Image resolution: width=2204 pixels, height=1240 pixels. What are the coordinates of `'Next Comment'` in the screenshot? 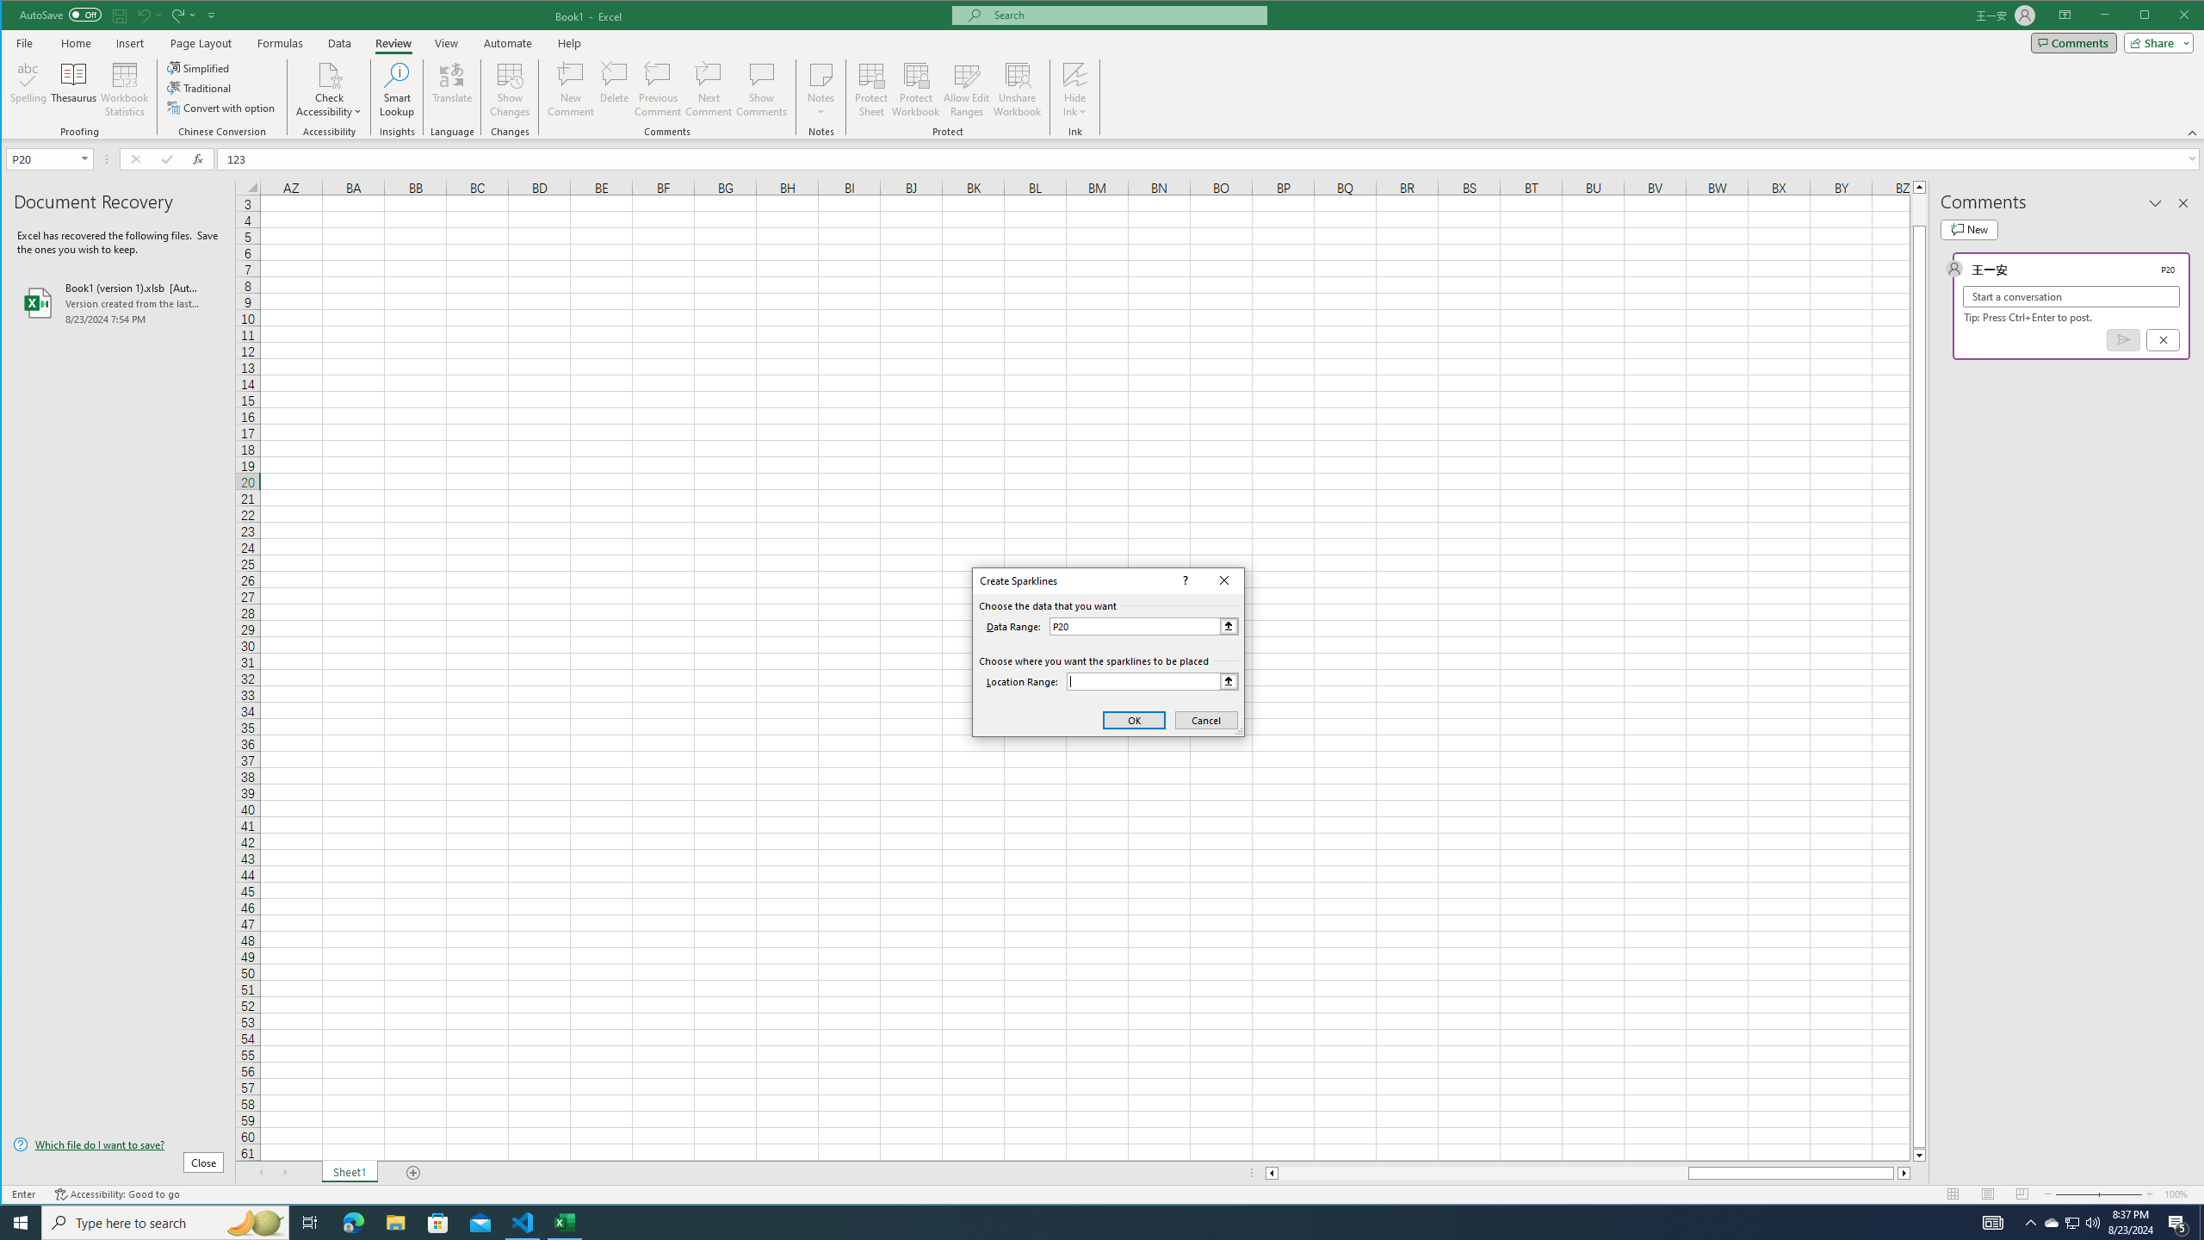 It's located at (709, 89).